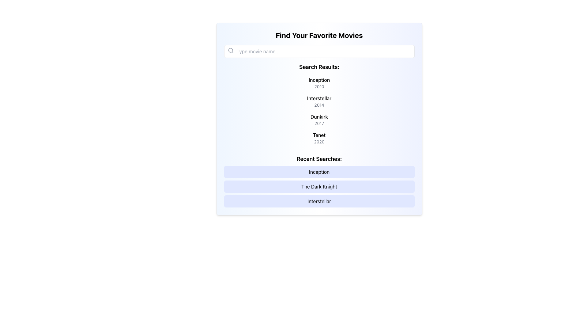 The width and height of the screenshot is (588, 331). Describe the element at coordinates (319, 181) in the screenshot. I see `the middle clickable movie title in the 'Recent Searches:' section, which is styled with rounded corners and an indigo background` at that location.